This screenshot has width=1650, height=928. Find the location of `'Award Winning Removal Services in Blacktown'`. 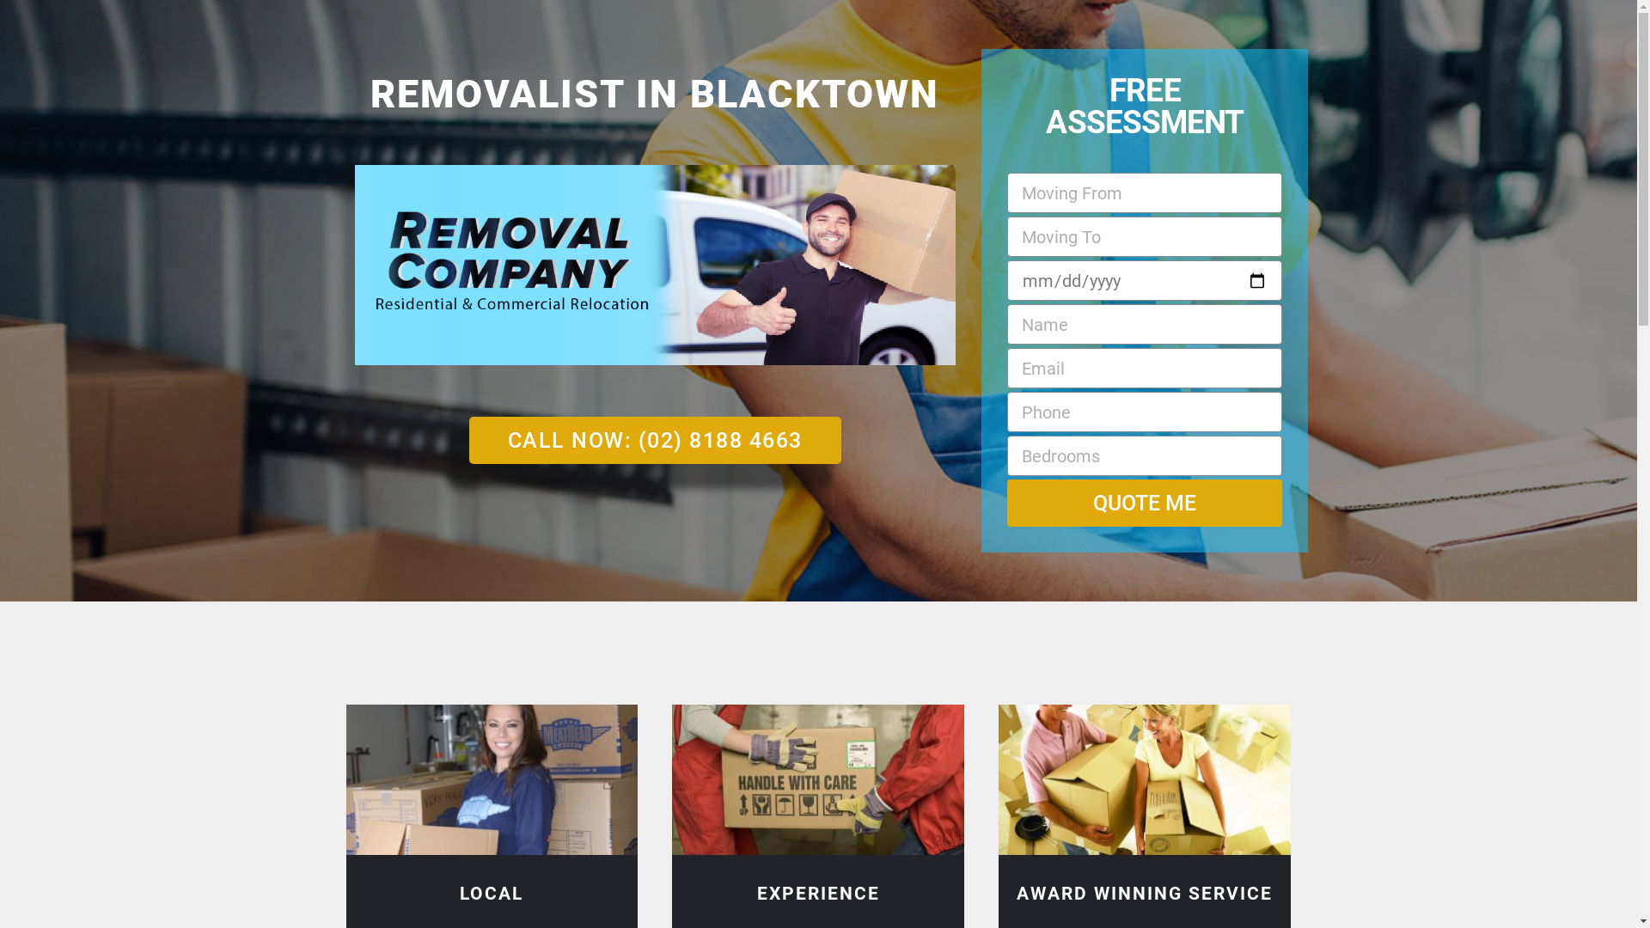

'Award Winning Removal Services in Blacktown' is located at coordinates (1145, 779).